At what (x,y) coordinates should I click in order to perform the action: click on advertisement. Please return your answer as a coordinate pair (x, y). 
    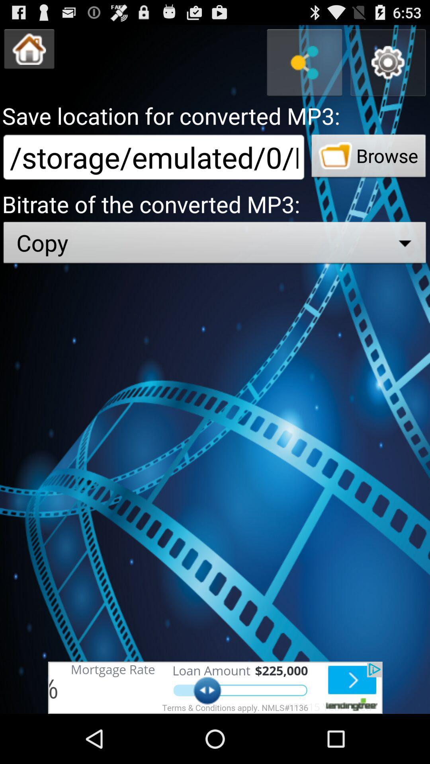
    Looking at the image, I should click on (215, 687).